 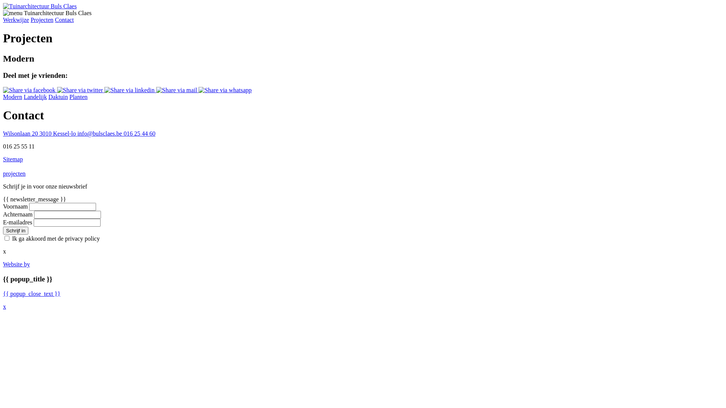 I want to click on 'Schrijf in', so click(x=3, y=230).